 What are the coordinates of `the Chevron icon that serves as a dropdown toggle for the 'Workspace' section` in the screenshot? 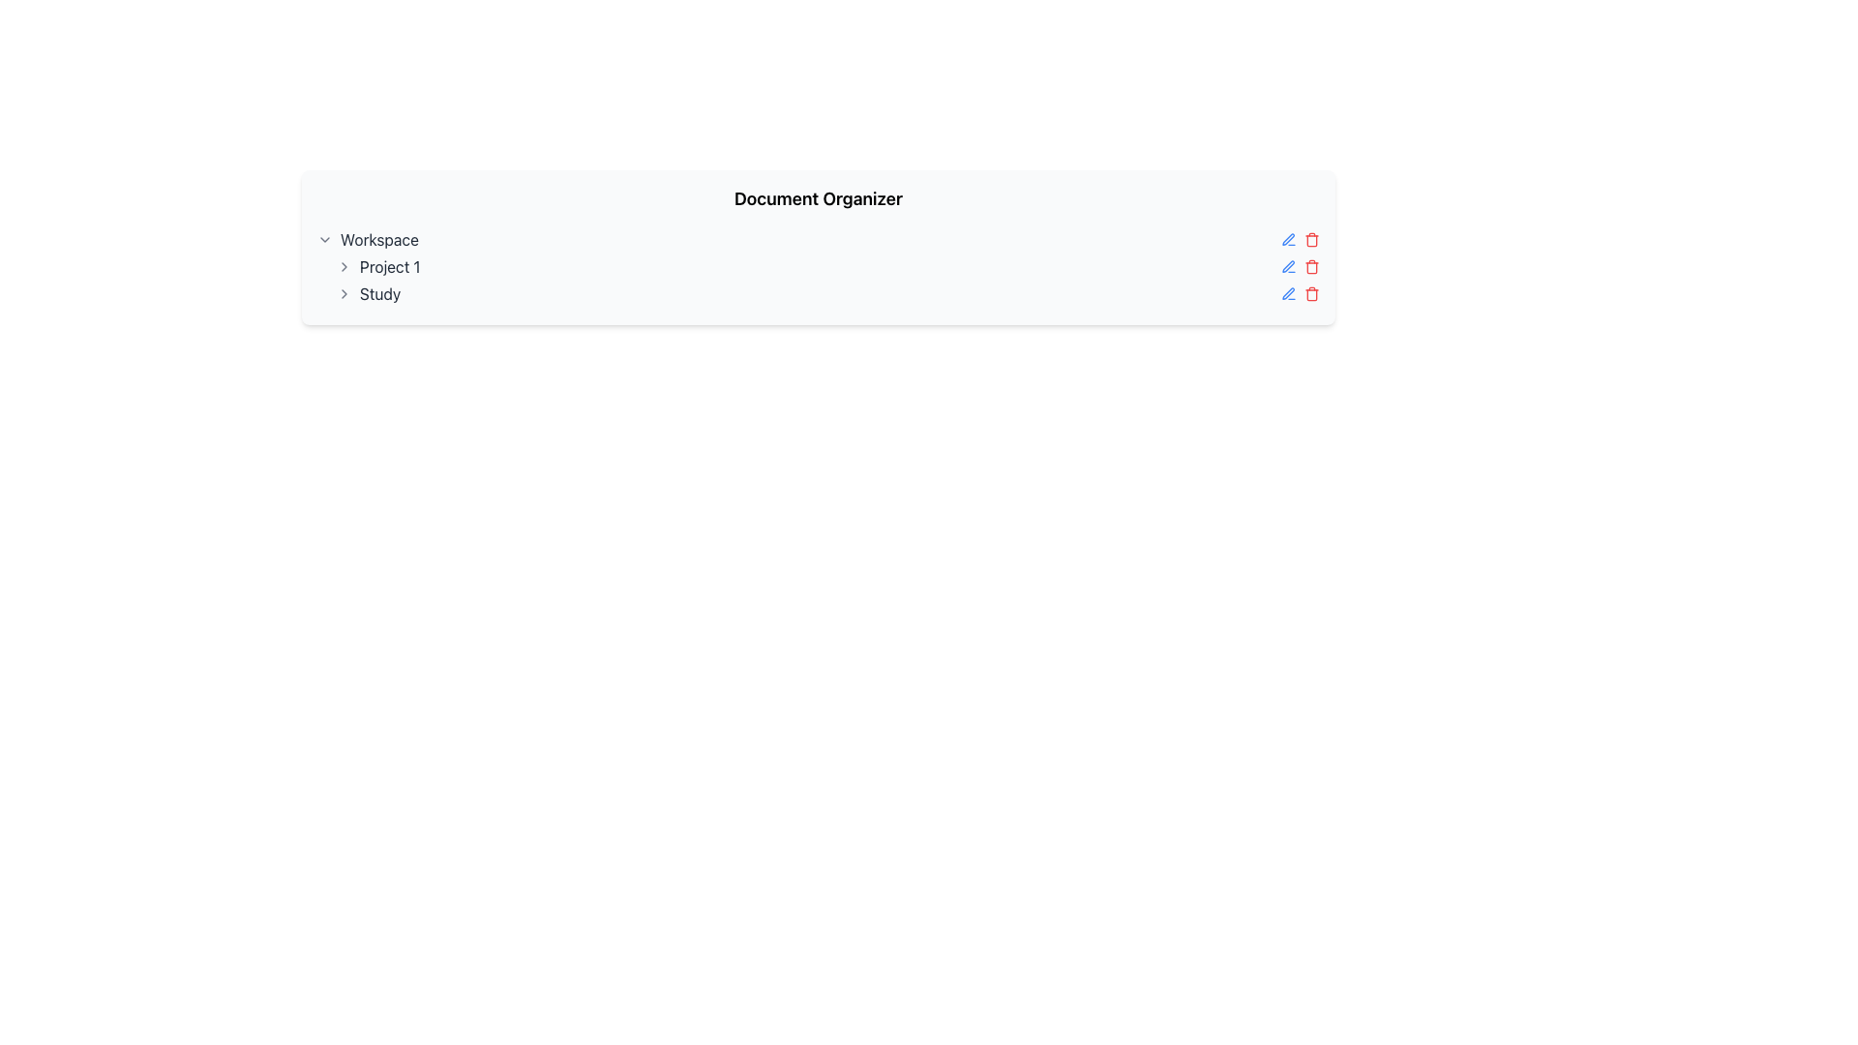 It's located at (325, 238).